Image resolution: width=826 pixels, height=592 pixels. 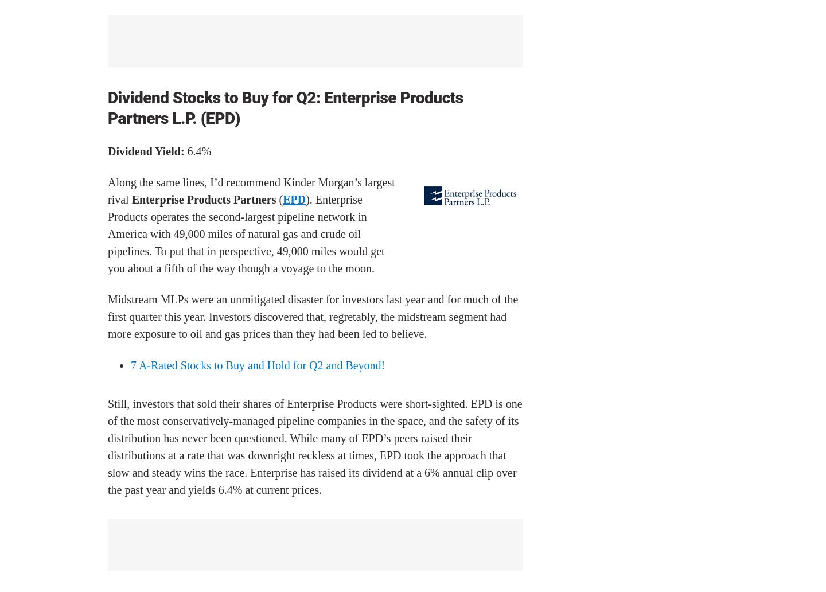 What do you see at coordinates (294, 199) in the screenshot?
I see `'EPD'` at bounding box center [294, 199].